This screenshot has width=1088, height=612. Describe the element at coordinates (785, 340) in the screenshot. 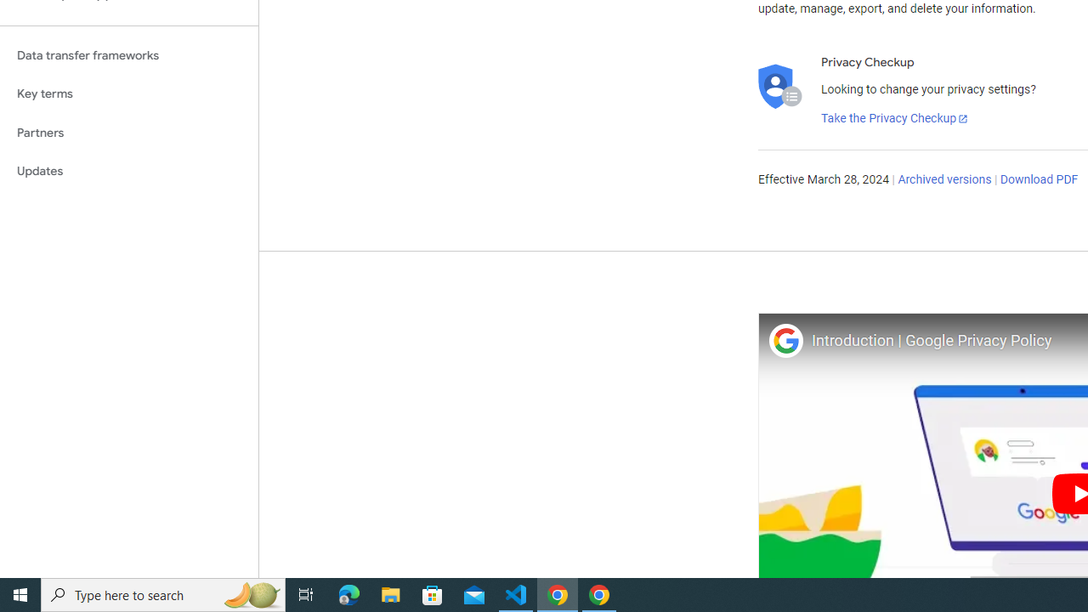

I see `'Photo image of Google'` at that location.